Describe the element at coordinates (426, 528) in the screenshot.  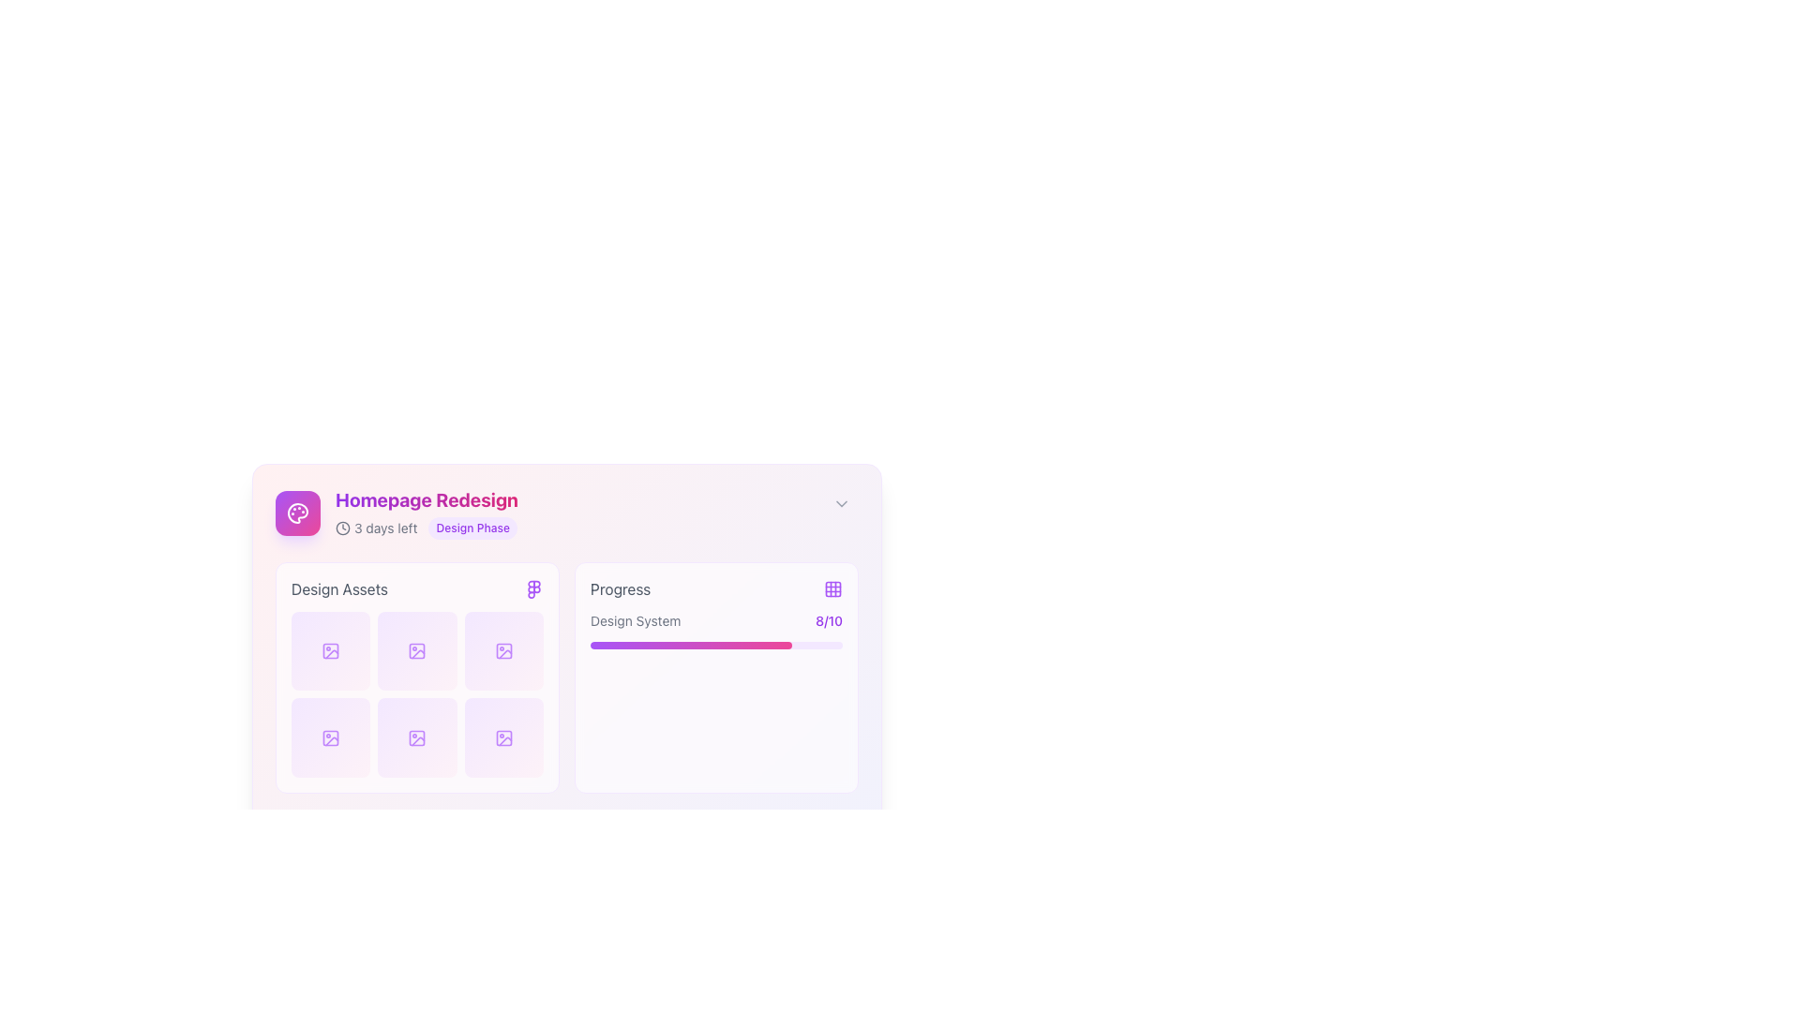
I see `the Information display element featuring a clock icon and the text '3 days left', along with the 'Design Phase' label` at that location.